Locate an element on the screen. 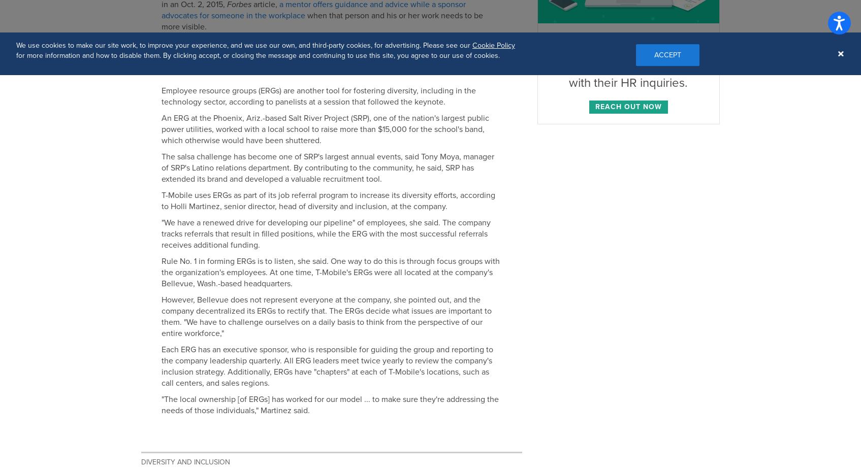 This screenshot has width=861, height=470. 'Each ERG has an executive sponsor, who is responsible for guiding the group and reporting to the company leadership quarterly. All ERG leaders meet twice yearly to review the company's inclusion strategy. Additionally, ERGs have "chapters" at each of T-Mobile's locations, such as call centers, and sales regions.' is located at coordinates (326, 366).